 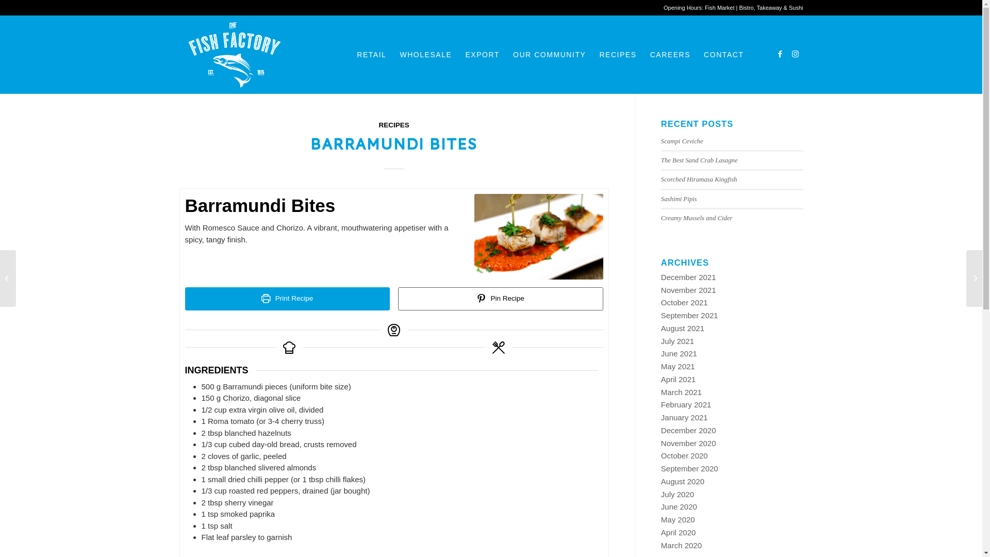 I want to click on 'Takeaway', so click(x=769, y=8).